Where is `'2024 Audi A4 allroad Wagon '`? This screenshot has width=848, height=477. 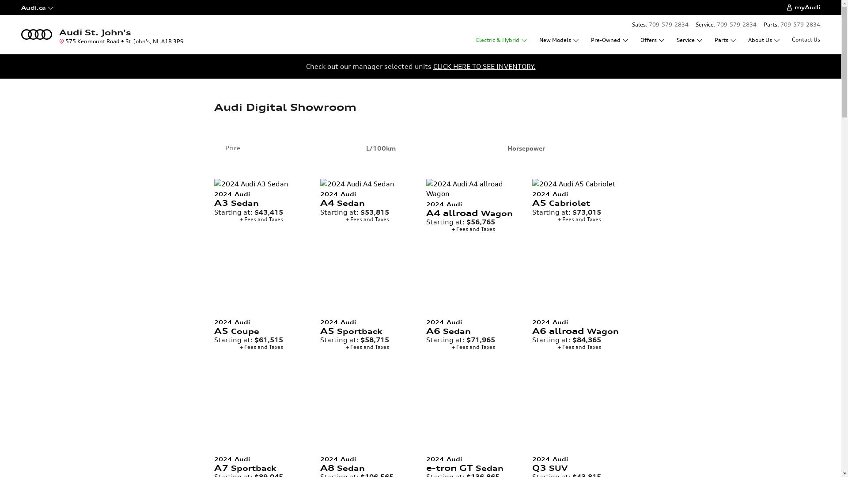
'2024 Audi A4 allroad Wagon ' is located at coordinates (426, 188).